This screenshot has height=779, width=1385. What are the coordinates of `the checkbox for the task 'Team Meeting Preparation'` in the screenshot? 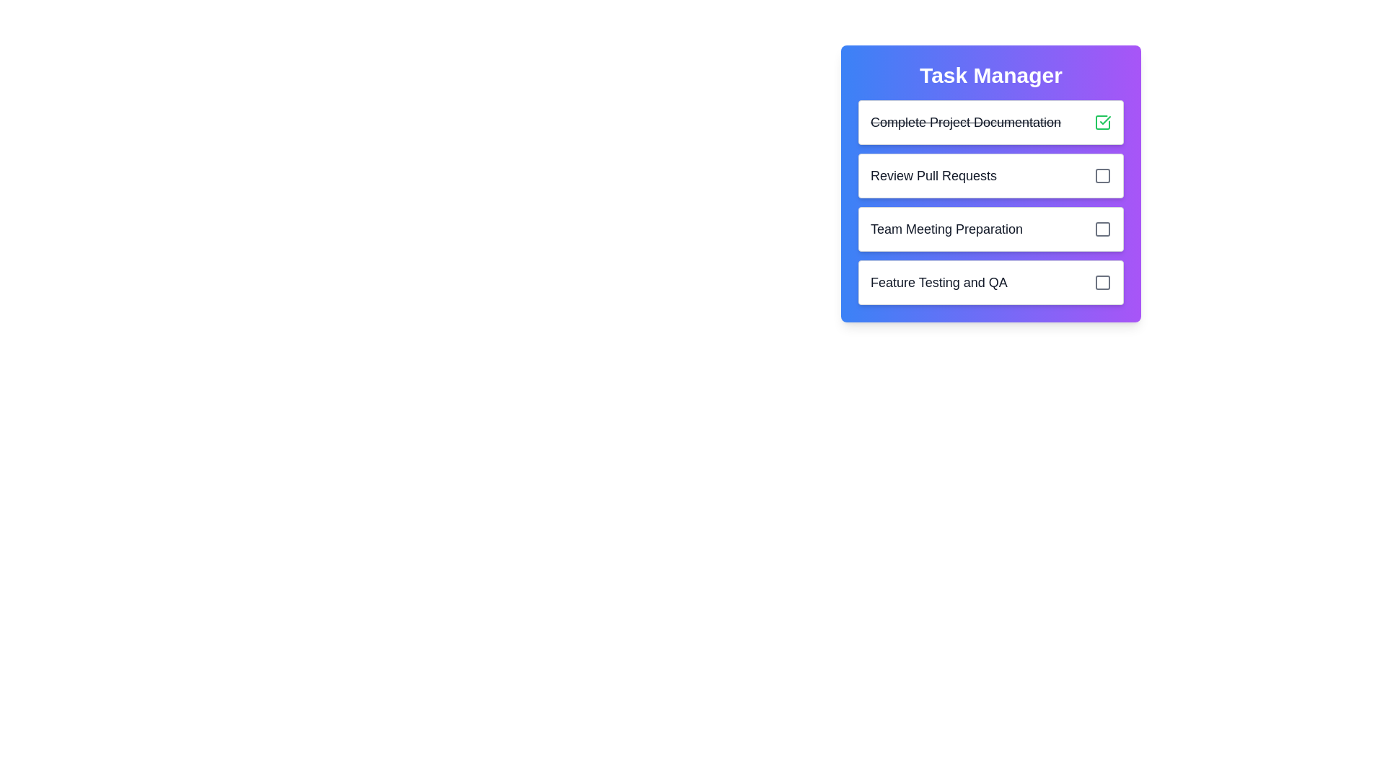 It's located at (1102, 228).